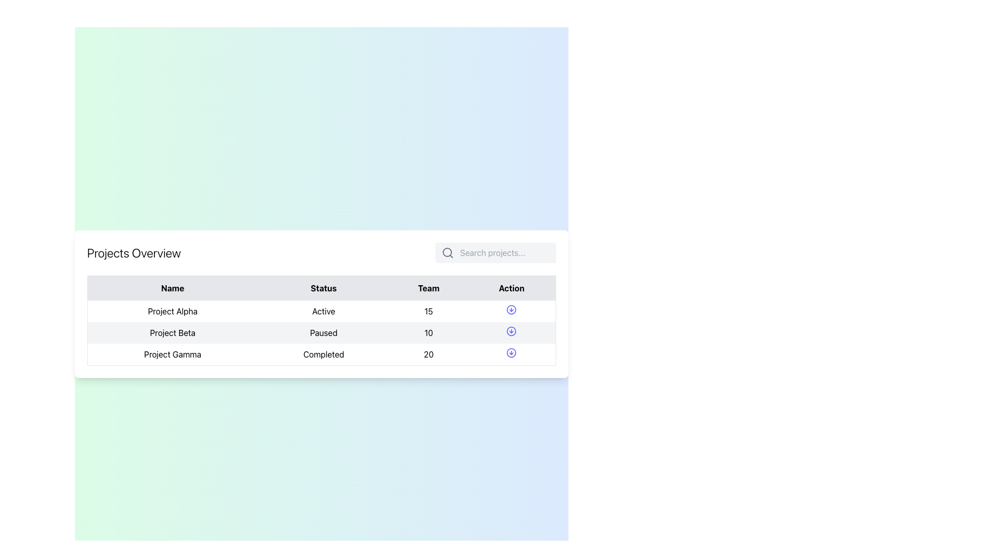  Describe the element at coordinates (428, 354) in the screenshot. I see `the numeric text element displaying '20' located in the third row under the 'Team' column of a tabular structure, surrounded by similar numeric elements and positioned between 'Completed' and an empty cell` at that location.